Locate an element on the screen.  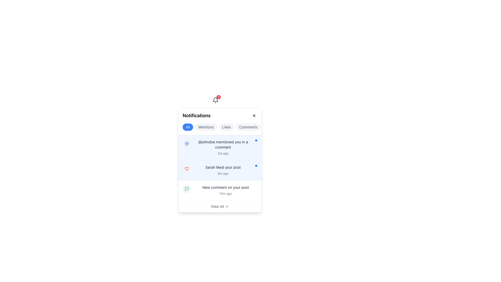
the filter button in the notification panel is located at coordinates (248, 127).